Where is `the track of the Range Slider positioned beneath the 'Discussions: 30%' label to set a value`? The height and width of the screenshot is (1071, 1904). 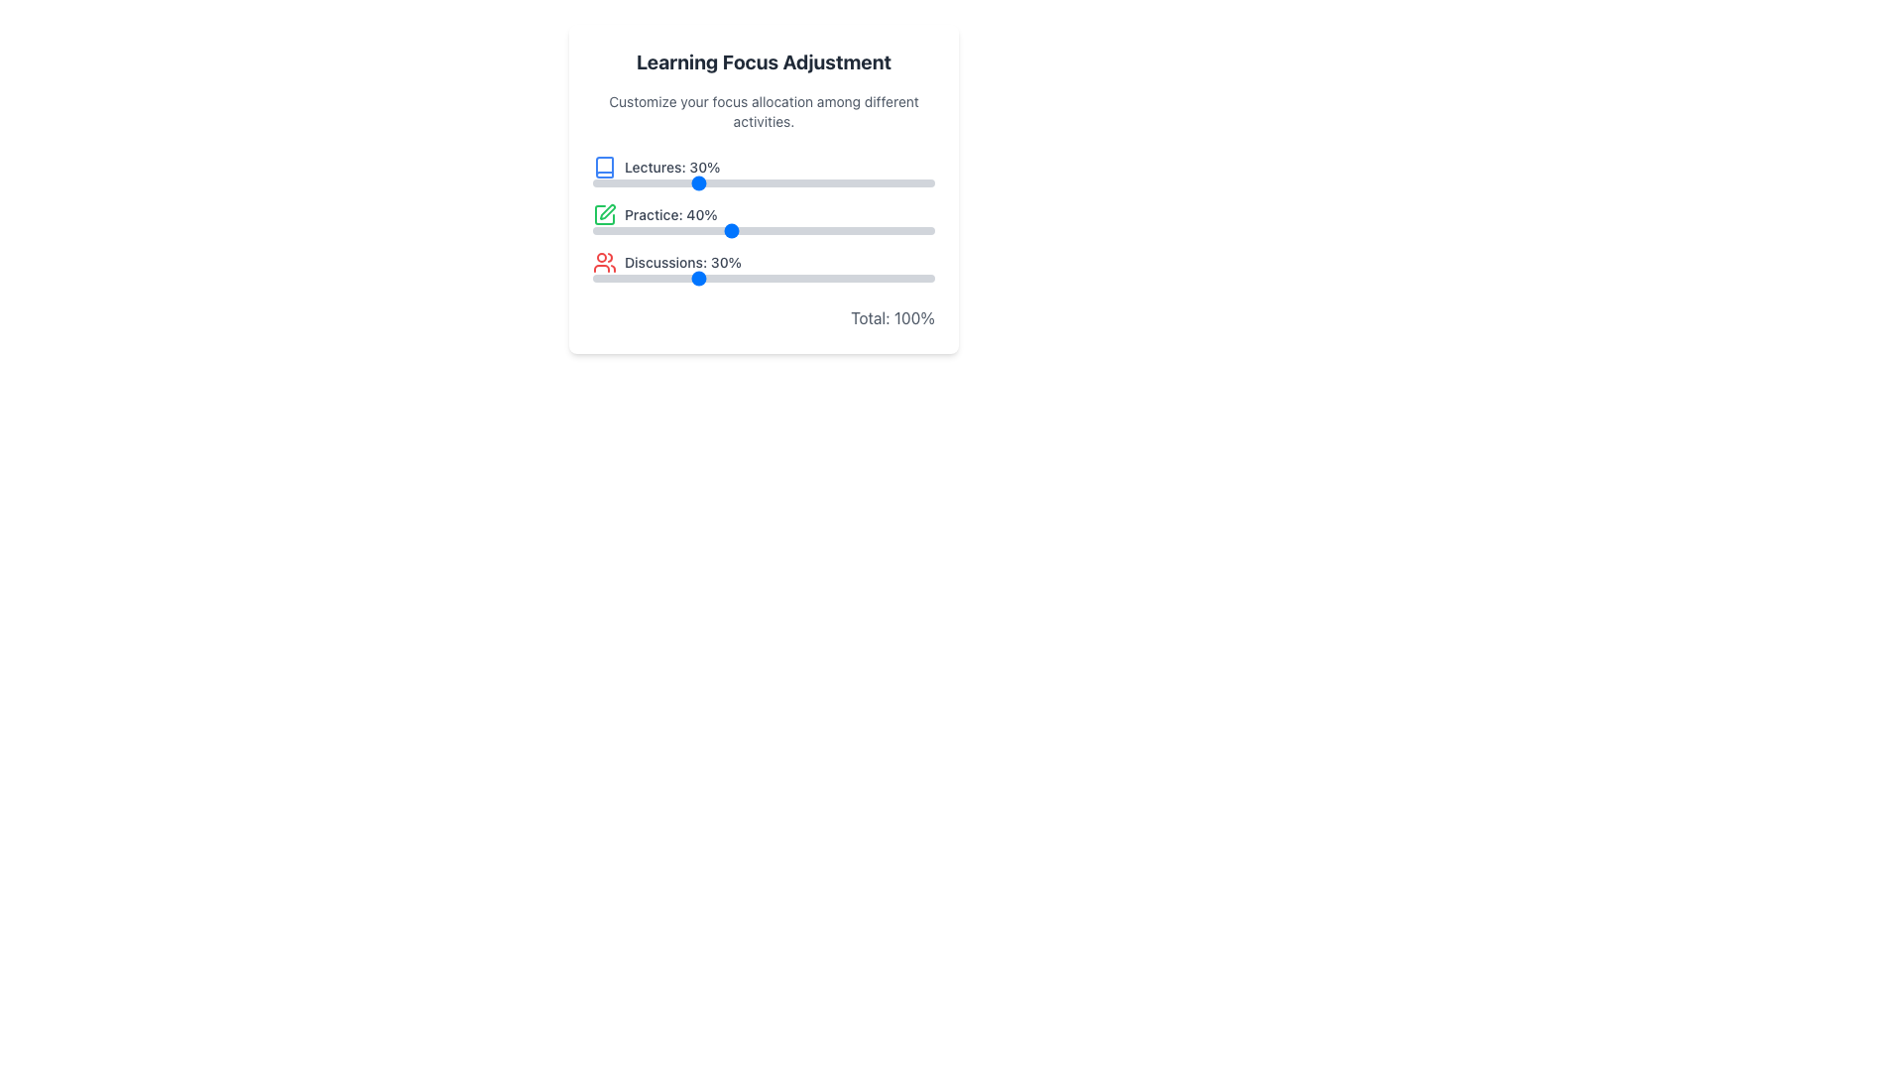 the track of the Range Slider positioned beneath the 'Discussions: 30%' label to set a value is located at coordinates (763, 279).